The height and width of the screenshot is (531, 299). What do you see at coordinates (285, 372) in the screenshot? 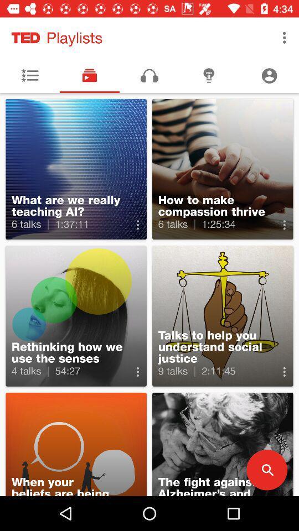
I see `more option which is on the second right side of the page` at bounding box center [285, 372].